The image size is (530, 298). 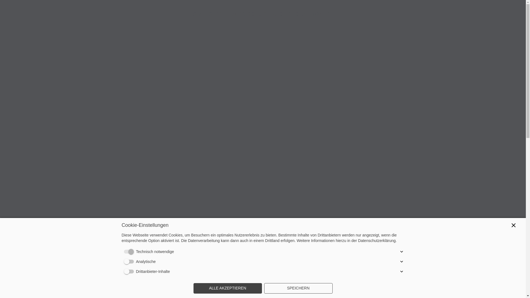 I want to click on 'ALLE AKZEPTIEREN', so click(x=193, y=288).